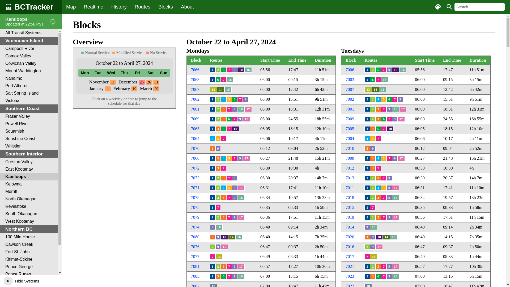  I want to click on '1', so click(212, 266).